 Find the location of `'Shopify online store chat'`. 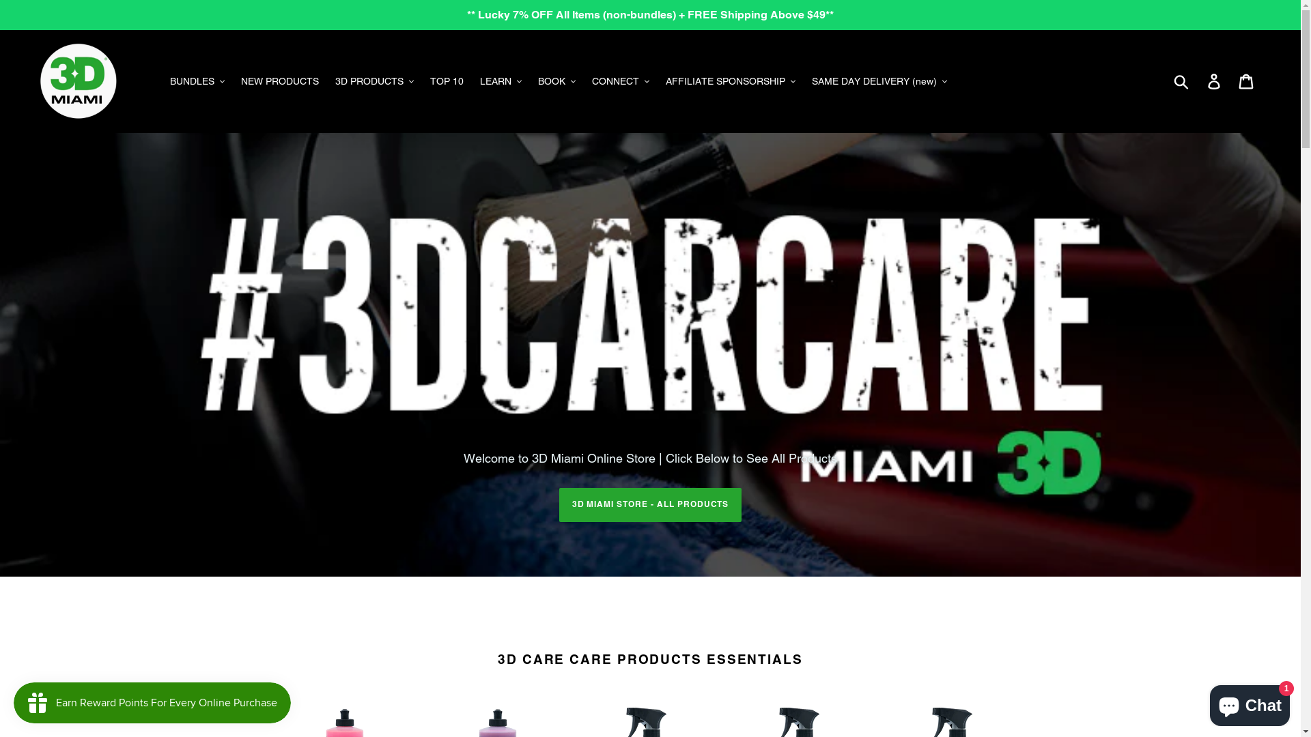

'Shopify online store chat' is located at coordinates (1250, 702).